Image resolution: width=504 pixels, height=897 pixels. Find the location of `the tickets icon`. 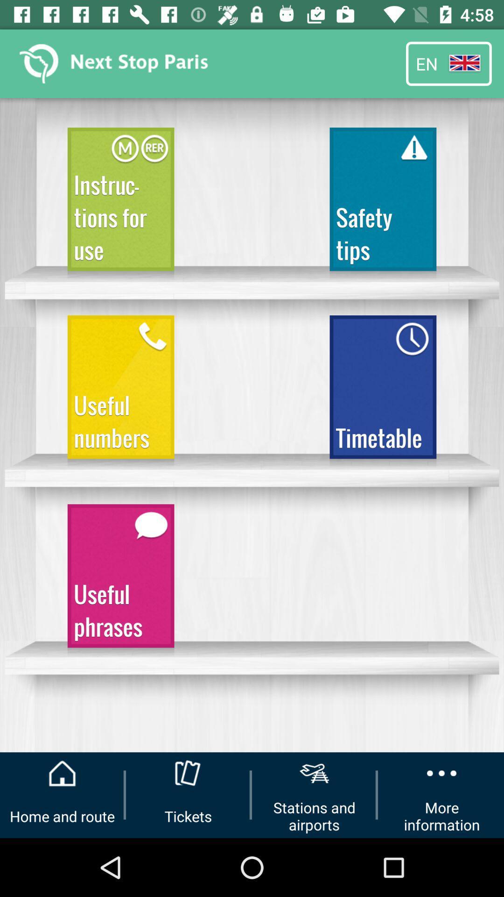

the tickets icon is located at coordinates (188, 773).